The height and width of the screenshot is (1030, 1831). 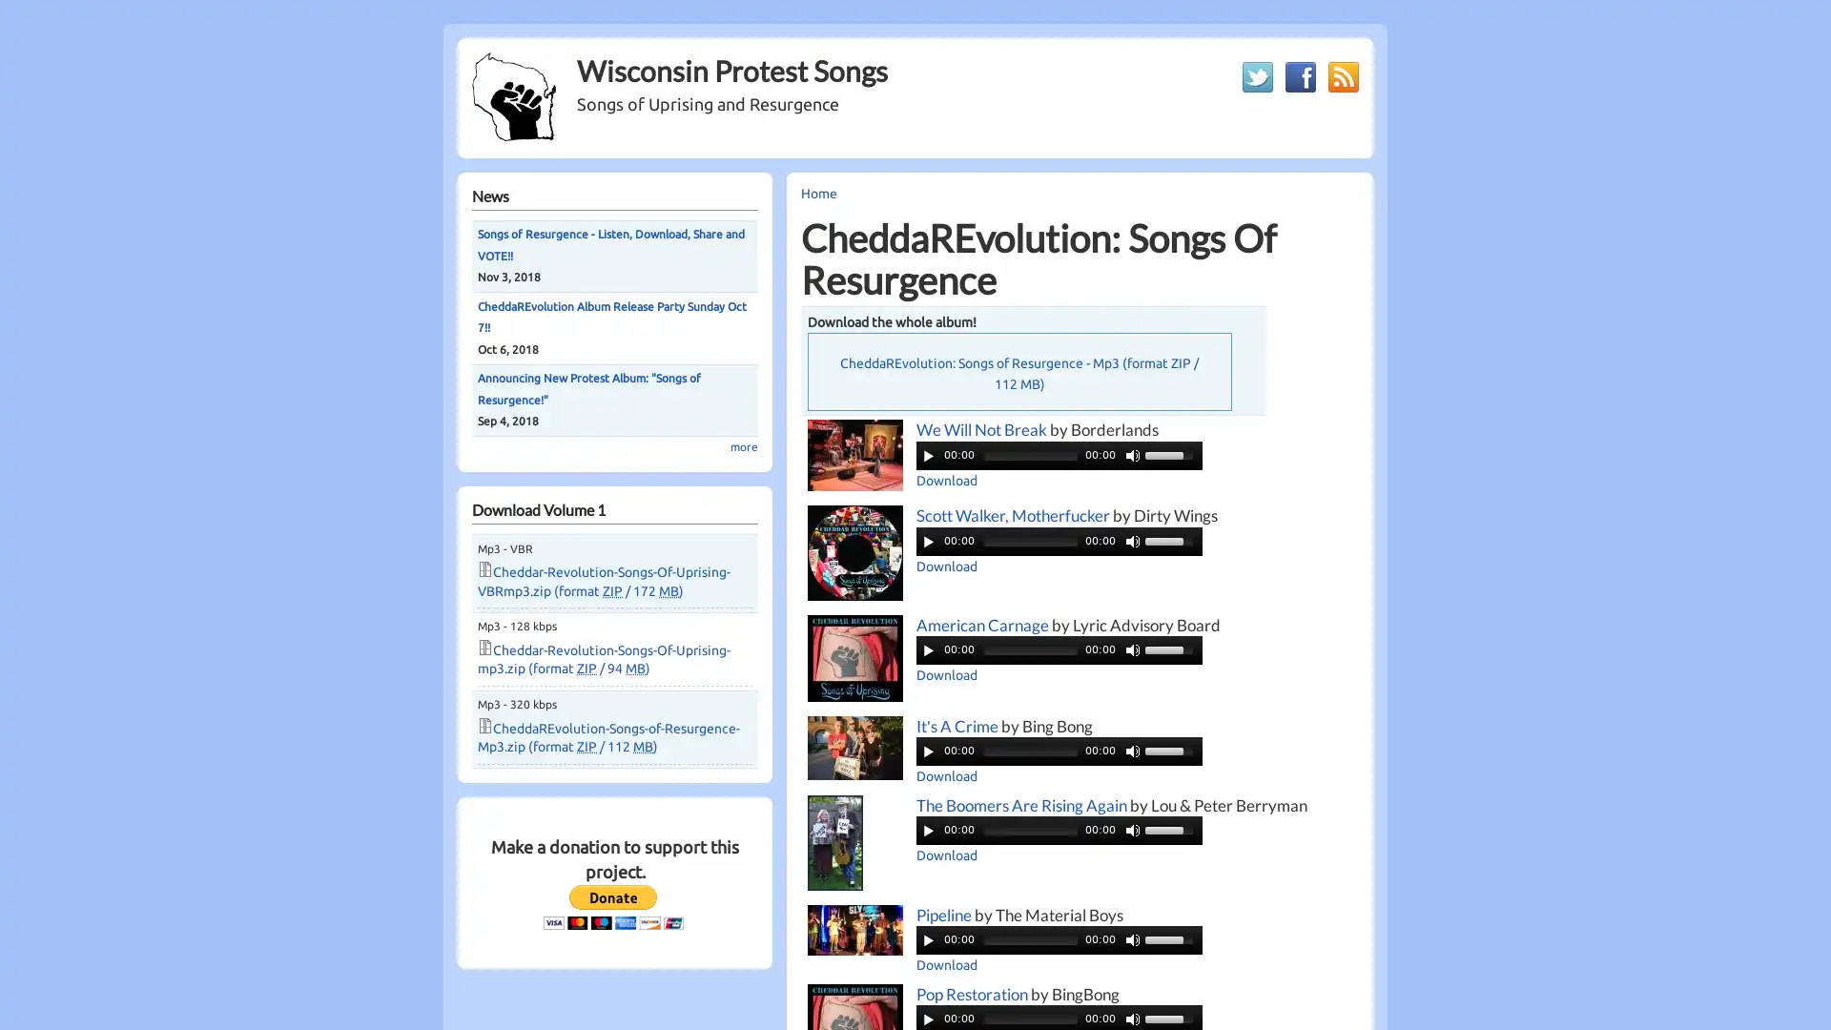 I want to click on Play/Pause, so click(x=929, y=541).